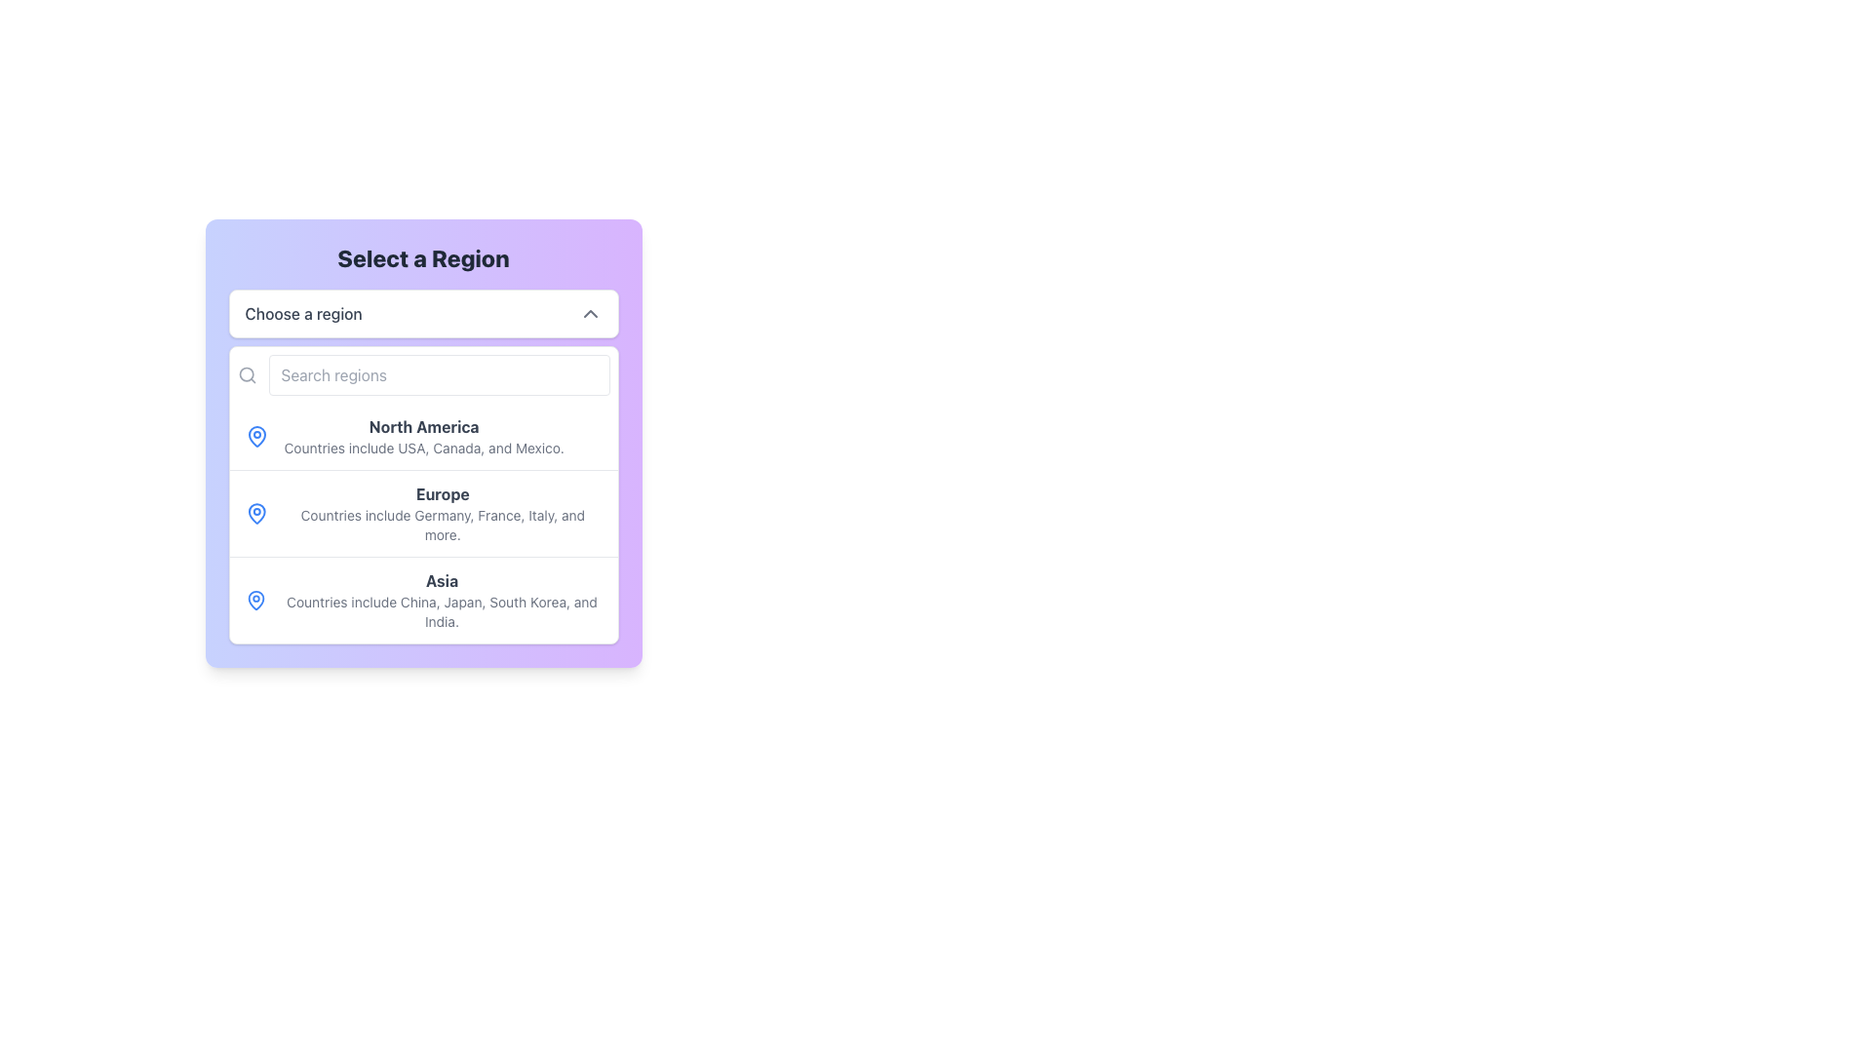 Image resolution: width=1872 pixels, height=1053 pixels. What do you see at coordinates (423, 426) in the screenshot?
I see `the static text element displaying 'North America', which is styled in bold dark gray and is the first entry in a list above the descriptive text about countries` at bounding box center [423, 426].